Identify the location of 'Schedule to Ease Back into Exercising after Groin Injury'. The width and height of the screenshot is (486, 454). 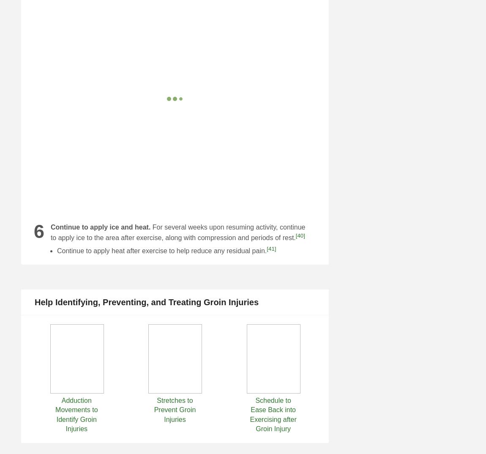
(249, 414).